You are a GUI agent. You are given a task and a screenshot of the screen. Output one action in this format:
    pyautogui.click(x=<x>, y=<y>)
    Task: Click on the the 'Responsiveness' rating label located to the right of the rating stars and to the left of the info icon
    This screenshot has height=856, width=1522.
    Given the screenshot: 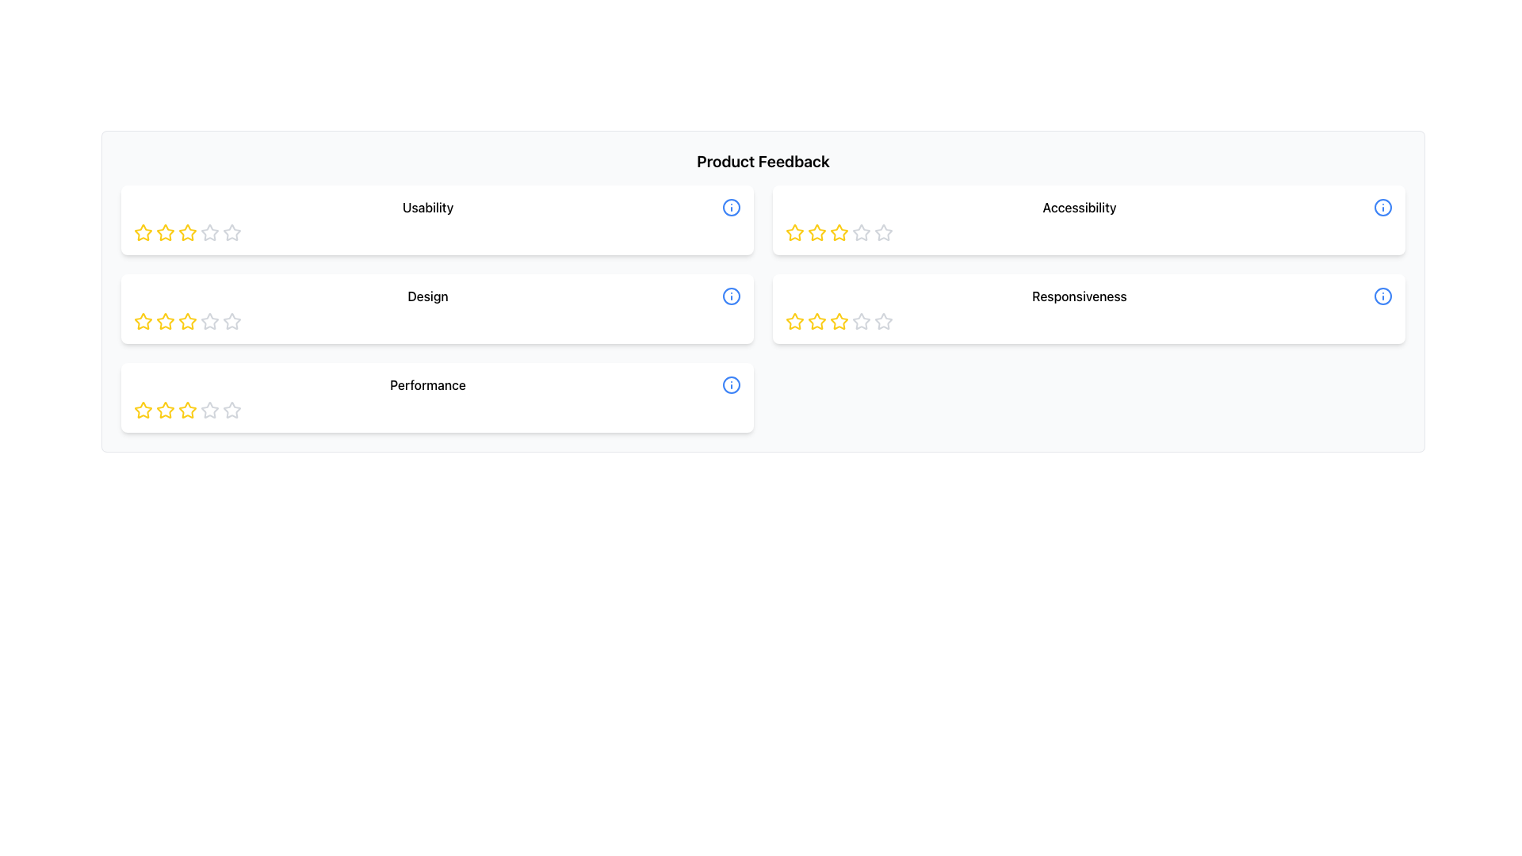 What is the action you would take?
    pyautogui.click(x=1079, y=296)
    